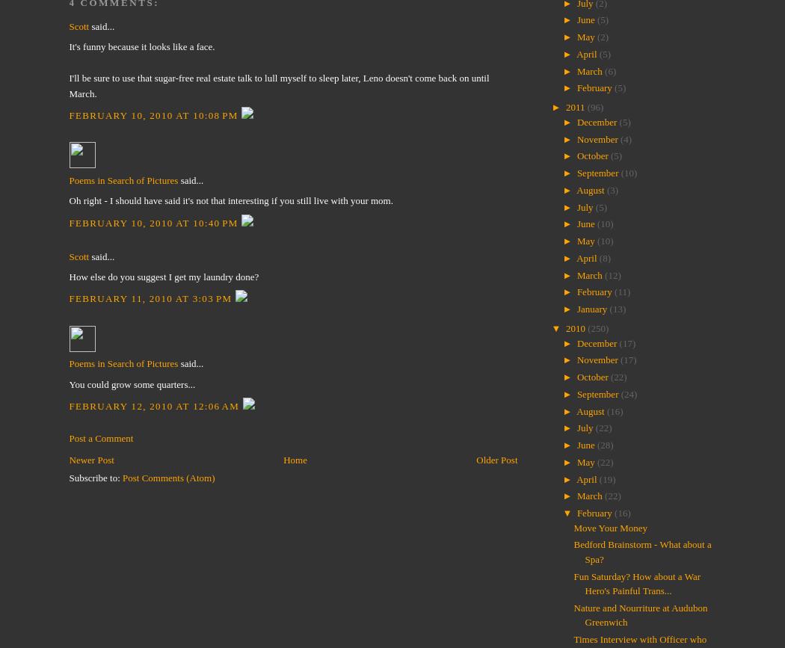 This screenshot has width=785, height=648. Describe the element at coordinates (68, 277) in the screenshot. I see `'How else do you suggest I get my laundry done?'` at that location.